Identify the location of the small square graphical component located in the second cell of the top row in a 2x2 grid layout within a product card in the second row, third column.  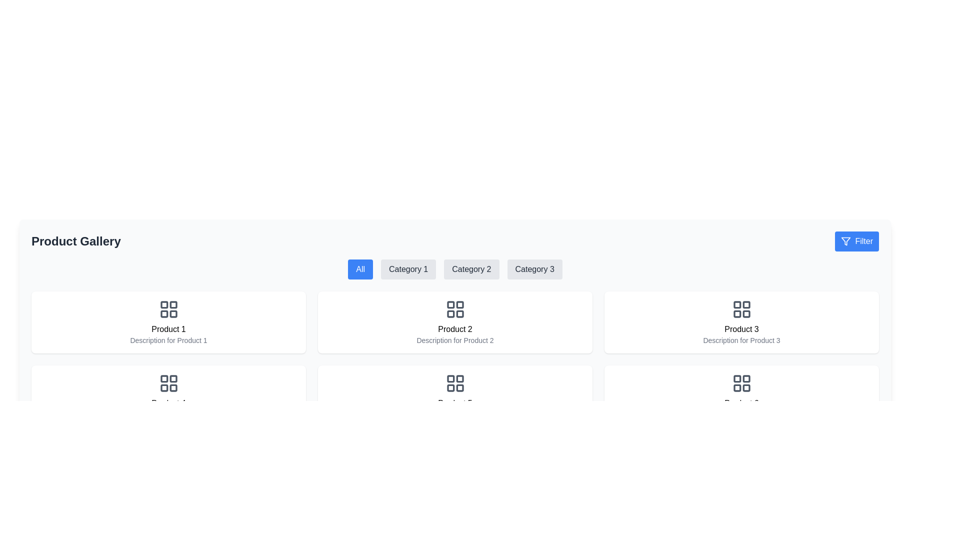
(459, 378).